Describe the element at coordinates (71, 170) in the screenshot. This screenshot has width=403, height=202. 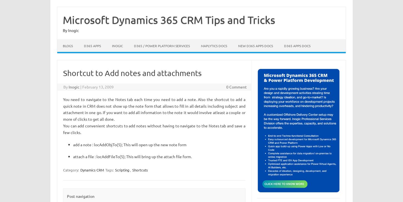
I see `'Category:'` at that location.